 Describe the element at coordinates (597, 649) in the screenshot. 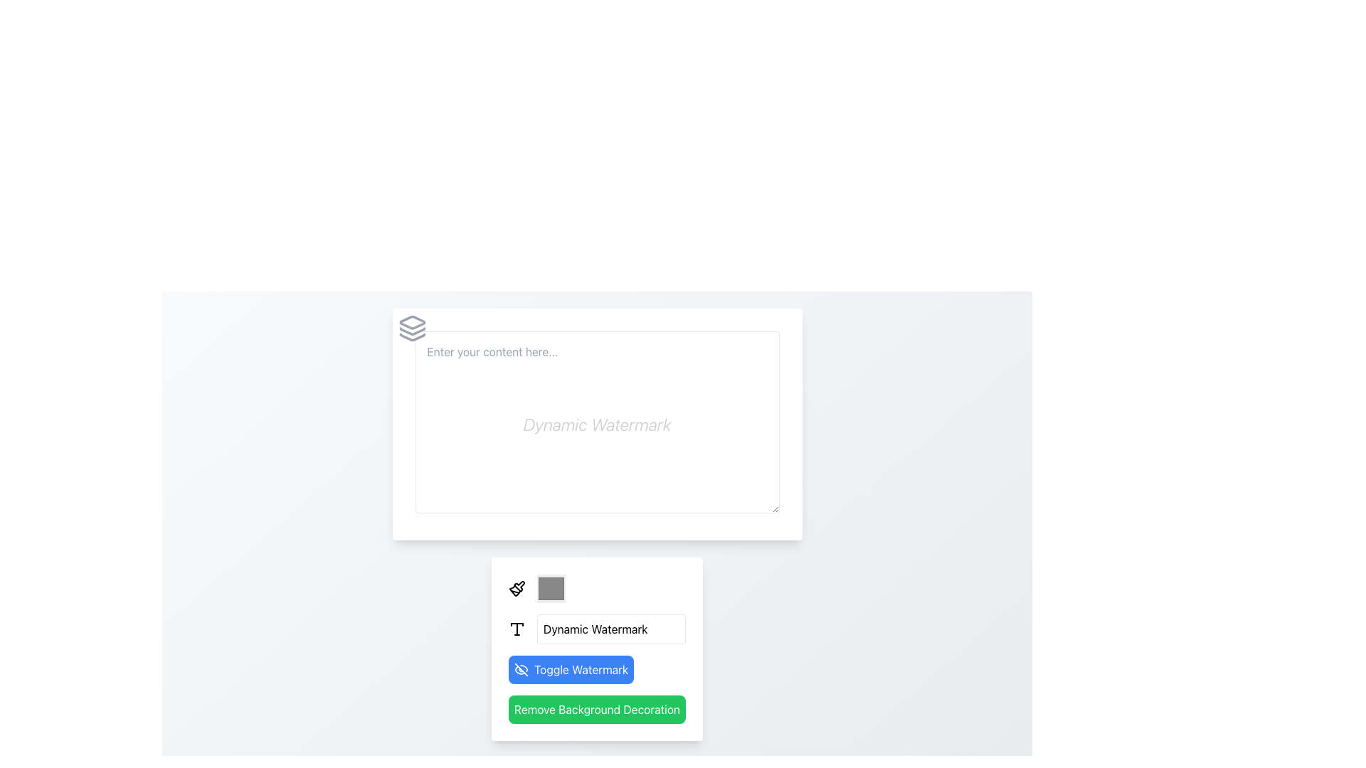

I see `the buttons in the Control panel section with rounded corners and a white background` at that location.